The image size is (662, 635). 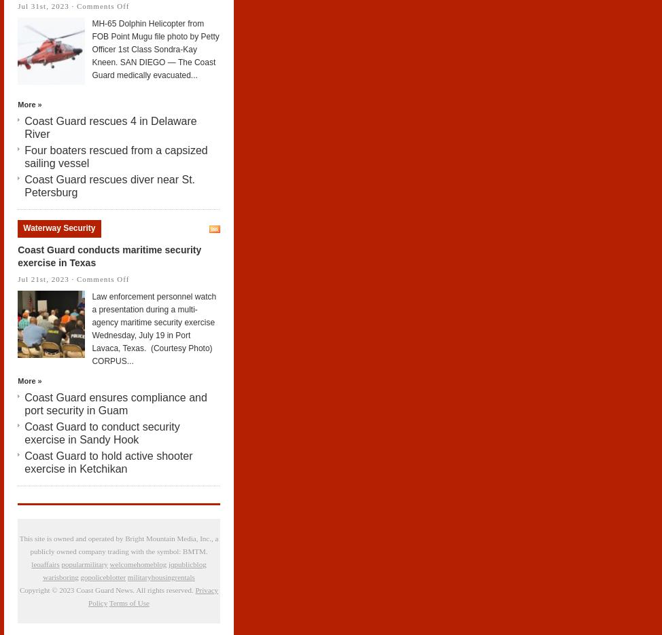 What do you see at coordinates (205, 551) in the screenshot?
I see `'.'` at bounding box center [205, 551].